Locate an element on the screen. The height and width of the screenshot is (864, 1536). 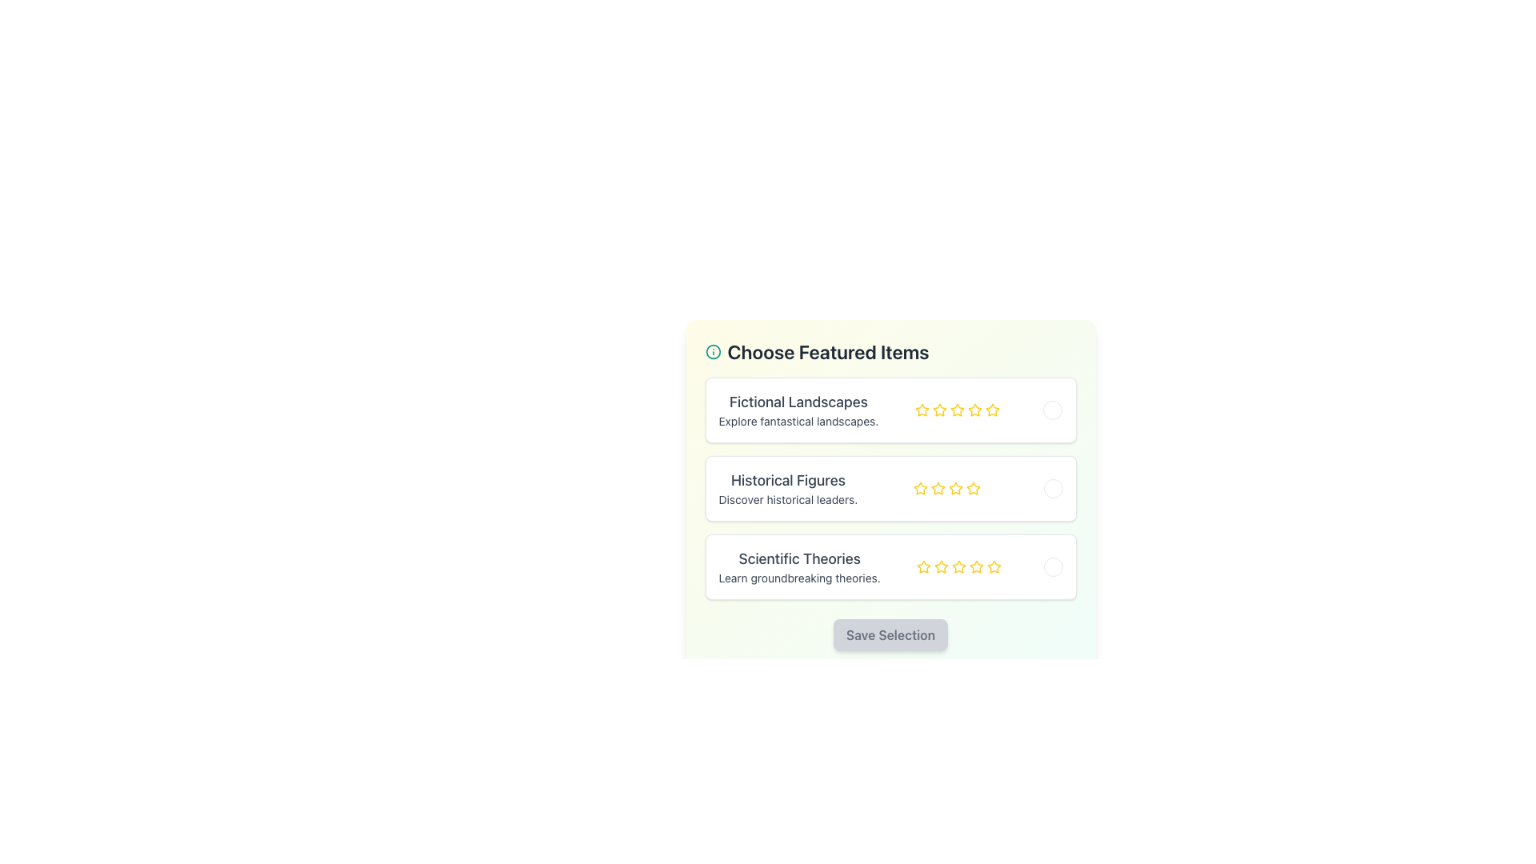
the first star in the star rating UI widget for 'Fictional Landscapes' to set the rating to one star is located at coordinates (922, 409).